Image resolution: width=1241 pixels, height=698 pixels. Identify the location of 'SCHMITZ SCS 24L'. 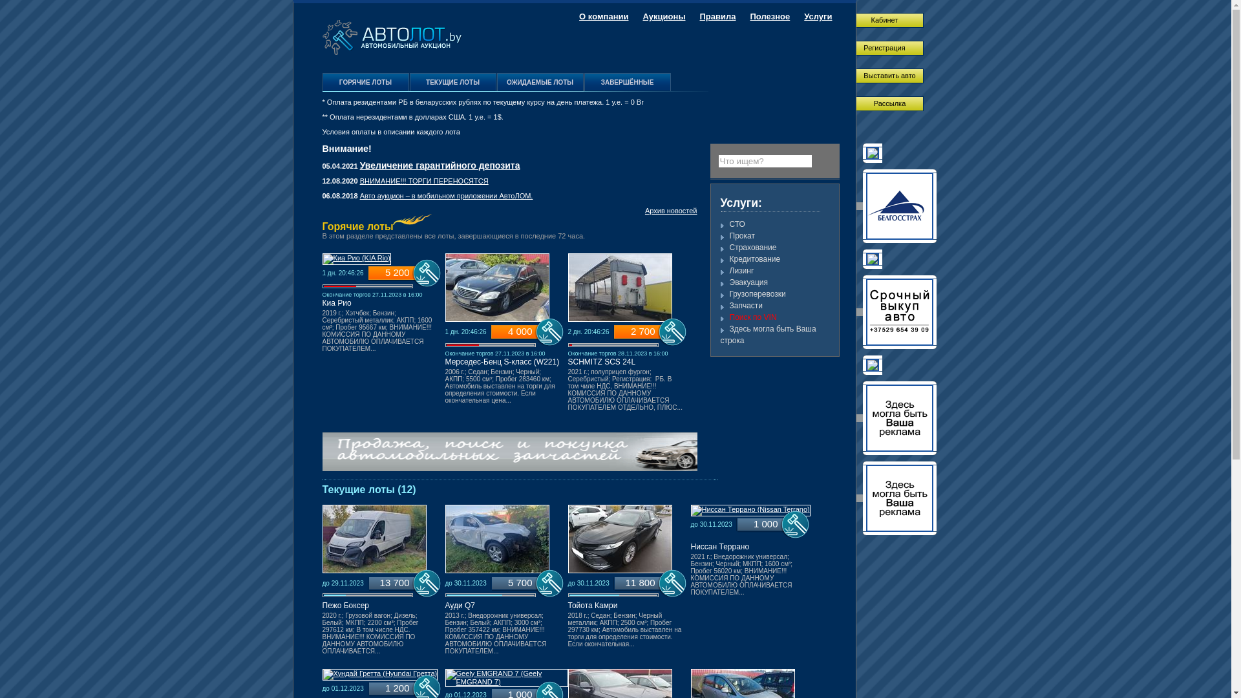
(600, 361).